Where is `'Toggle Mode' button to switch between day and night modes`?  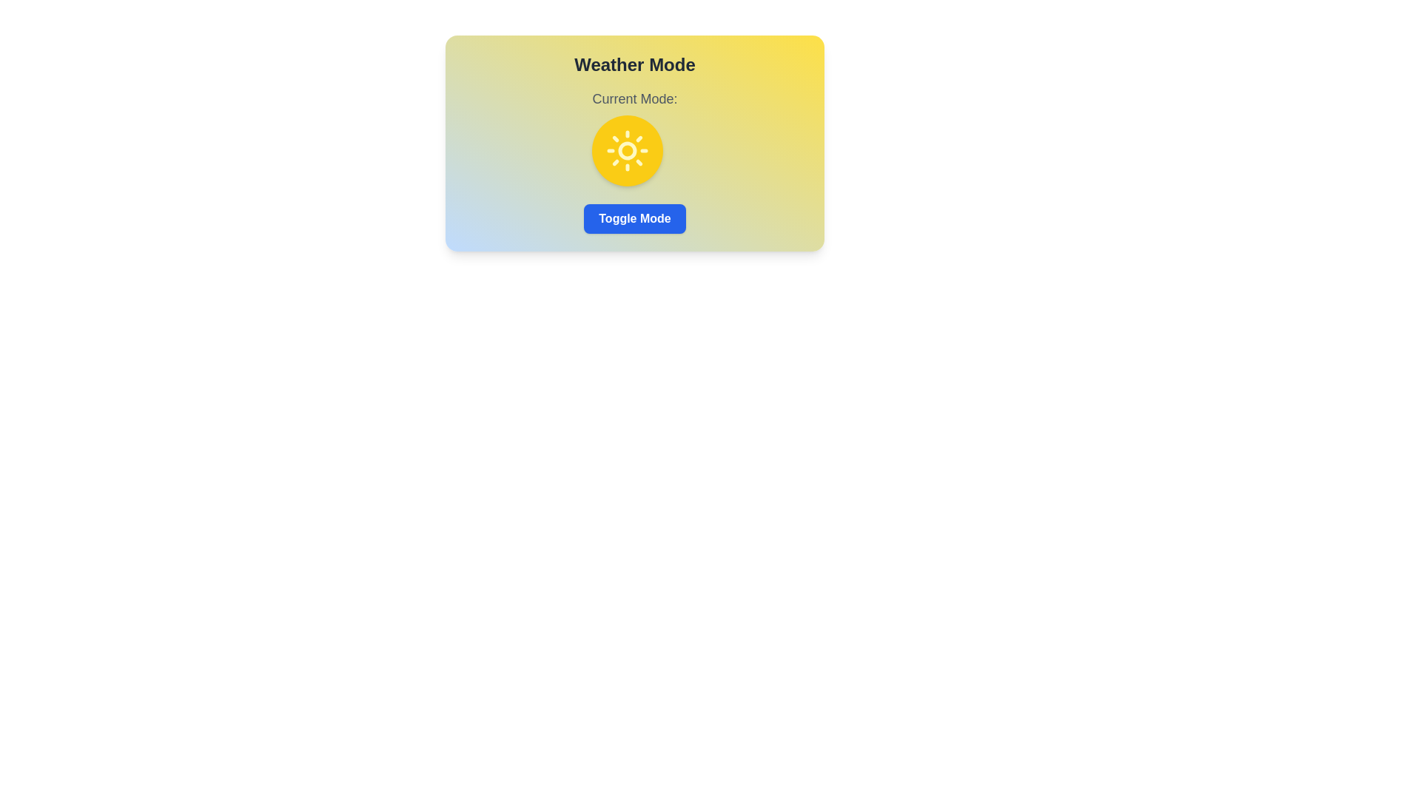 'Toggle Mode' button to switch between day and night modes is located at coordinates (635, 219).